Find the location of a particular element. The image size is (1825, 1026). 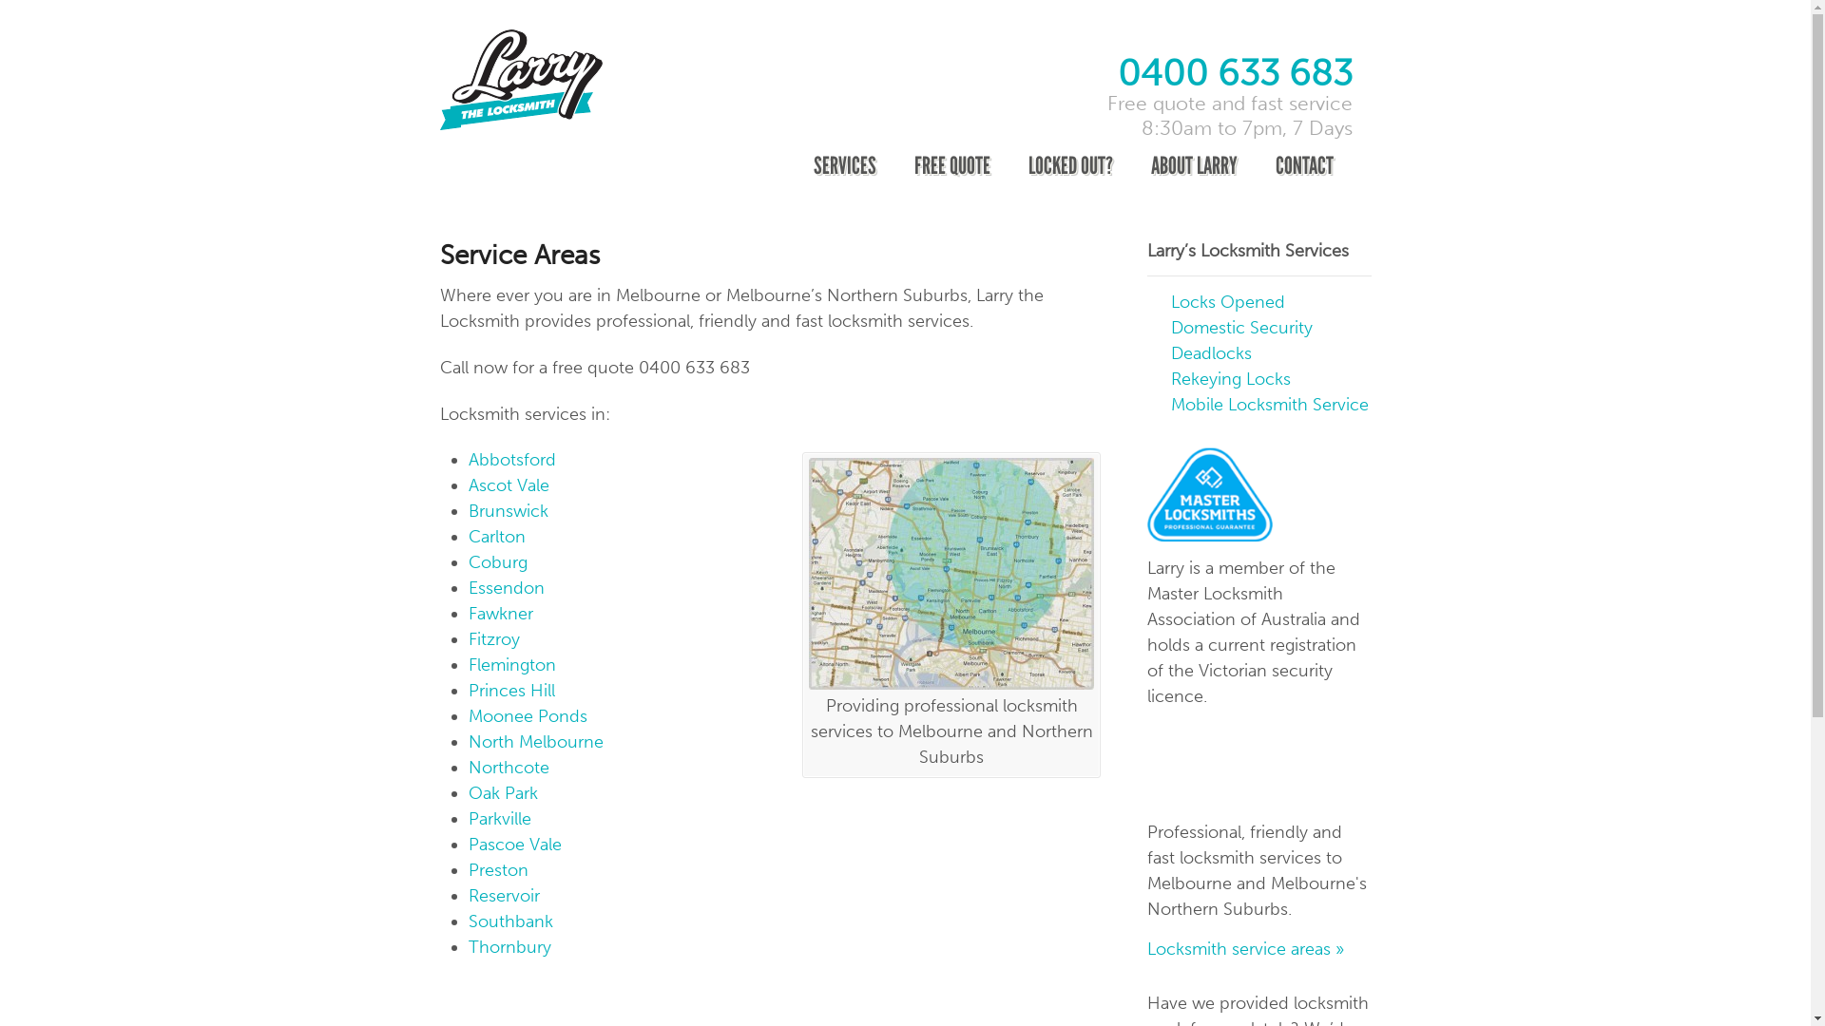

'Locks Opened' is located at coordinates (1227, 300).